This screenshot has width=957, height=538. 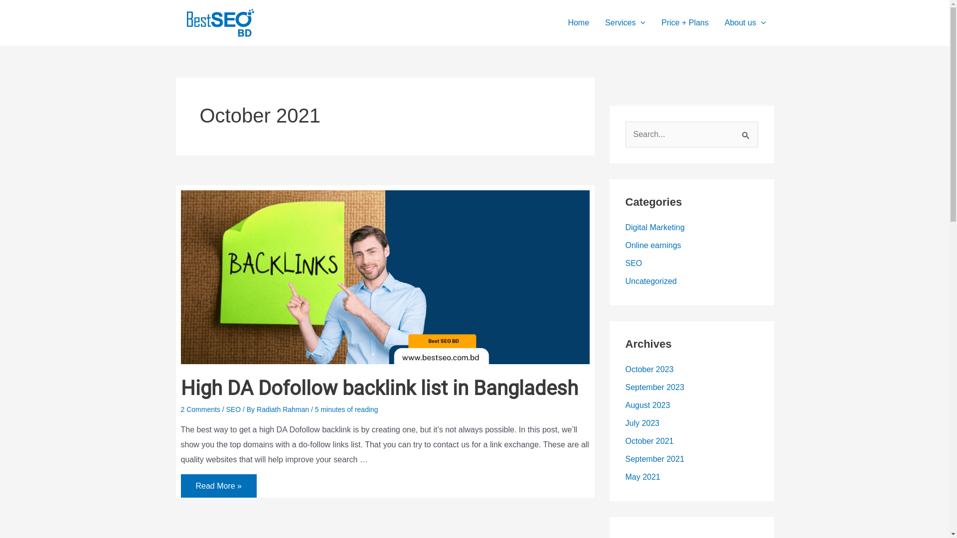 What do you see at coordinates (283, 409) in the screenshot?
I see `'Radiath Rahman'` at bounding box center [283, 409].